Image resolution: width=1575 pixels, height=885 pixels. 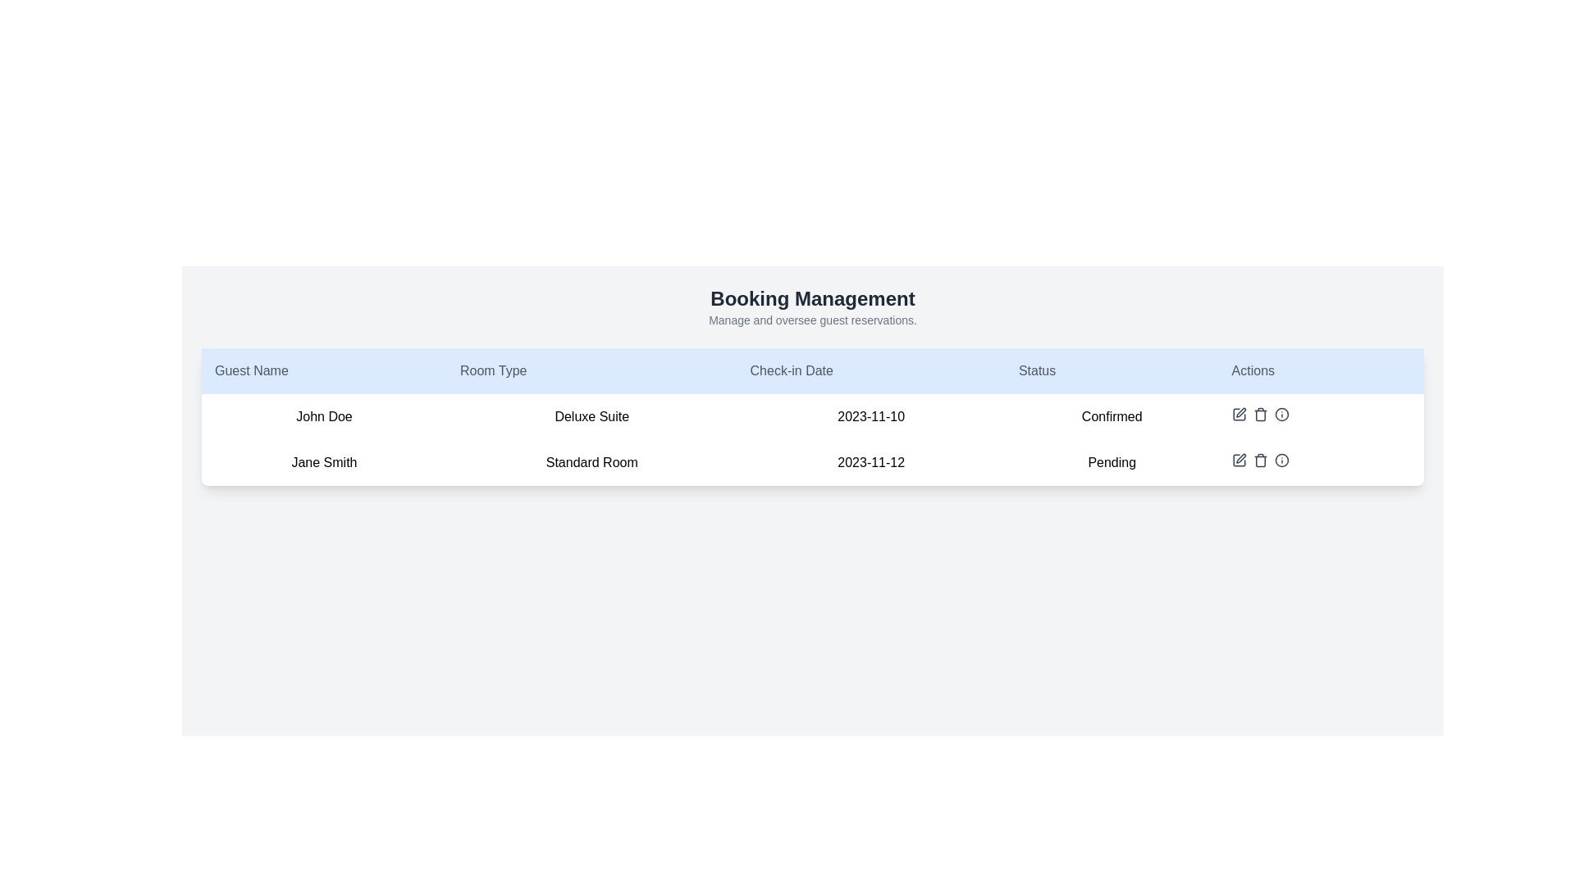 I want to click on the static text display showing the date '2023-11-10' in the 'Check-in Date' column of the booking table for 'John Doe' in the 'Deluxe Suite', so click(x=870, y=416).